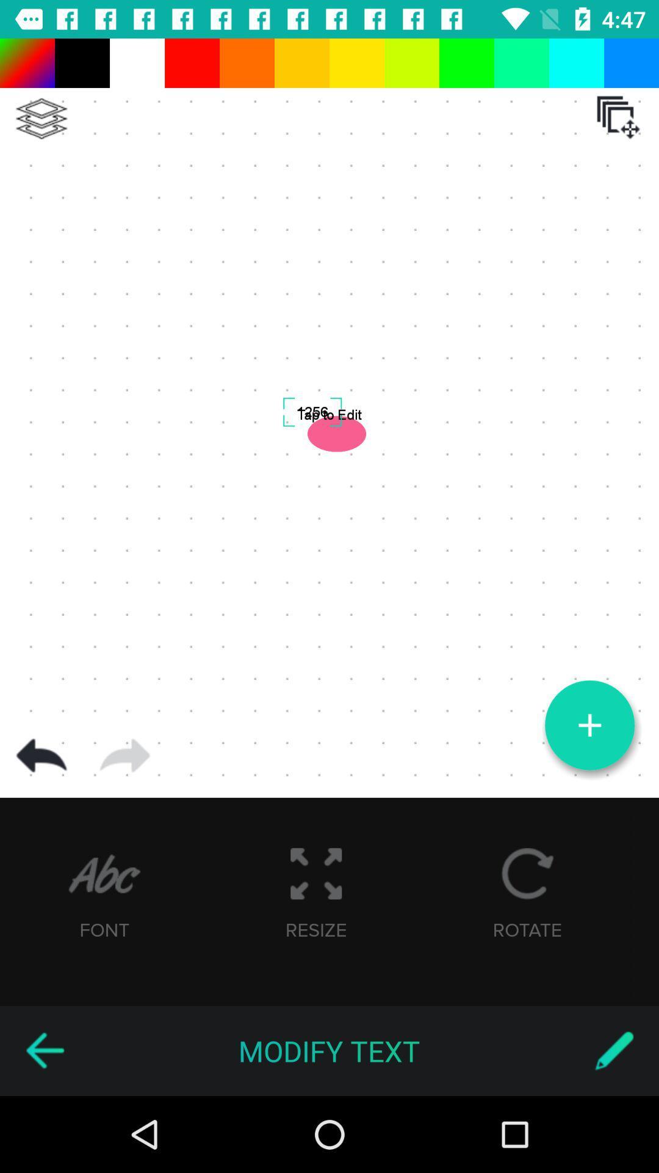 The width and height of the screenshot is (659, 1173). I want to click on a picture, so click(589, 725).